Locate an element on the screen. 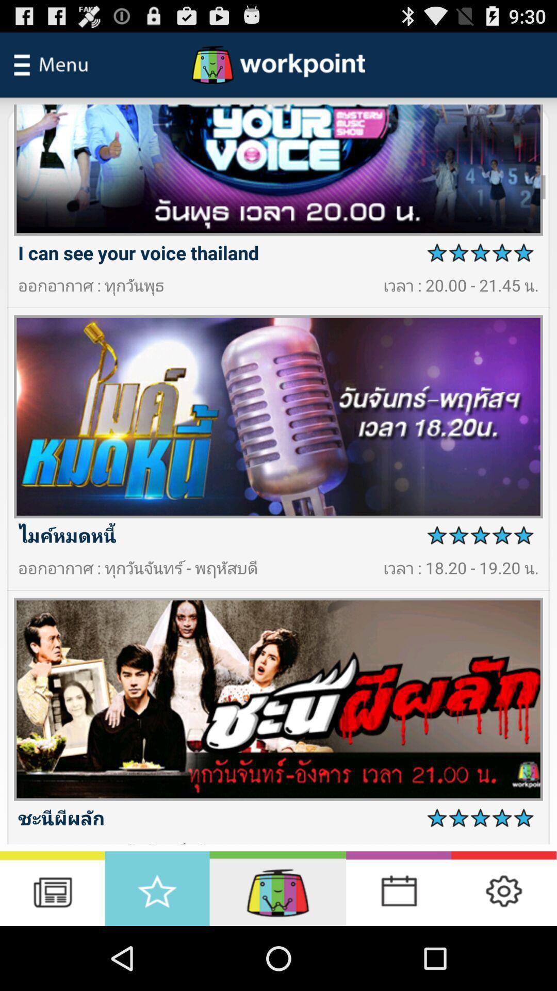  click for menu is located at coordinates (51, 64).